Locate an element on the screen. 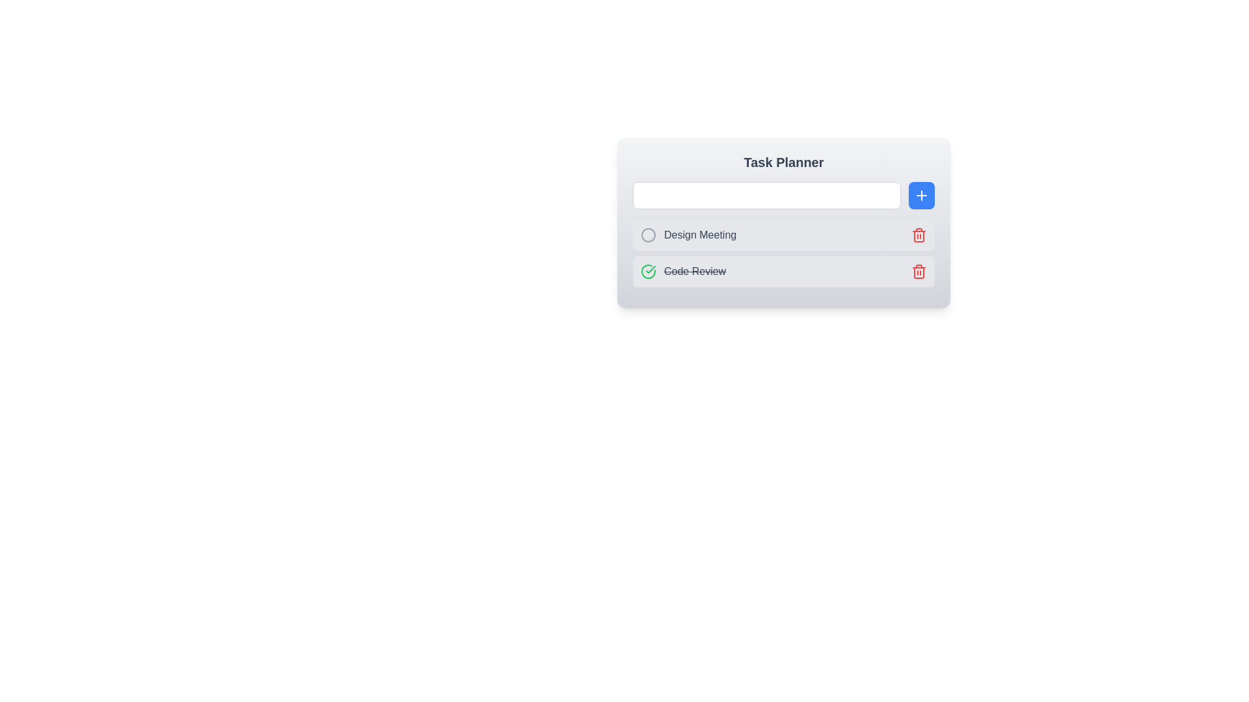 The height and width of the screenshot is (702, 1249). the text label indicating the title or description of the specific task in the upper task item of the checklist, located next to the checkbox icon is located at coordinates (688, 235).